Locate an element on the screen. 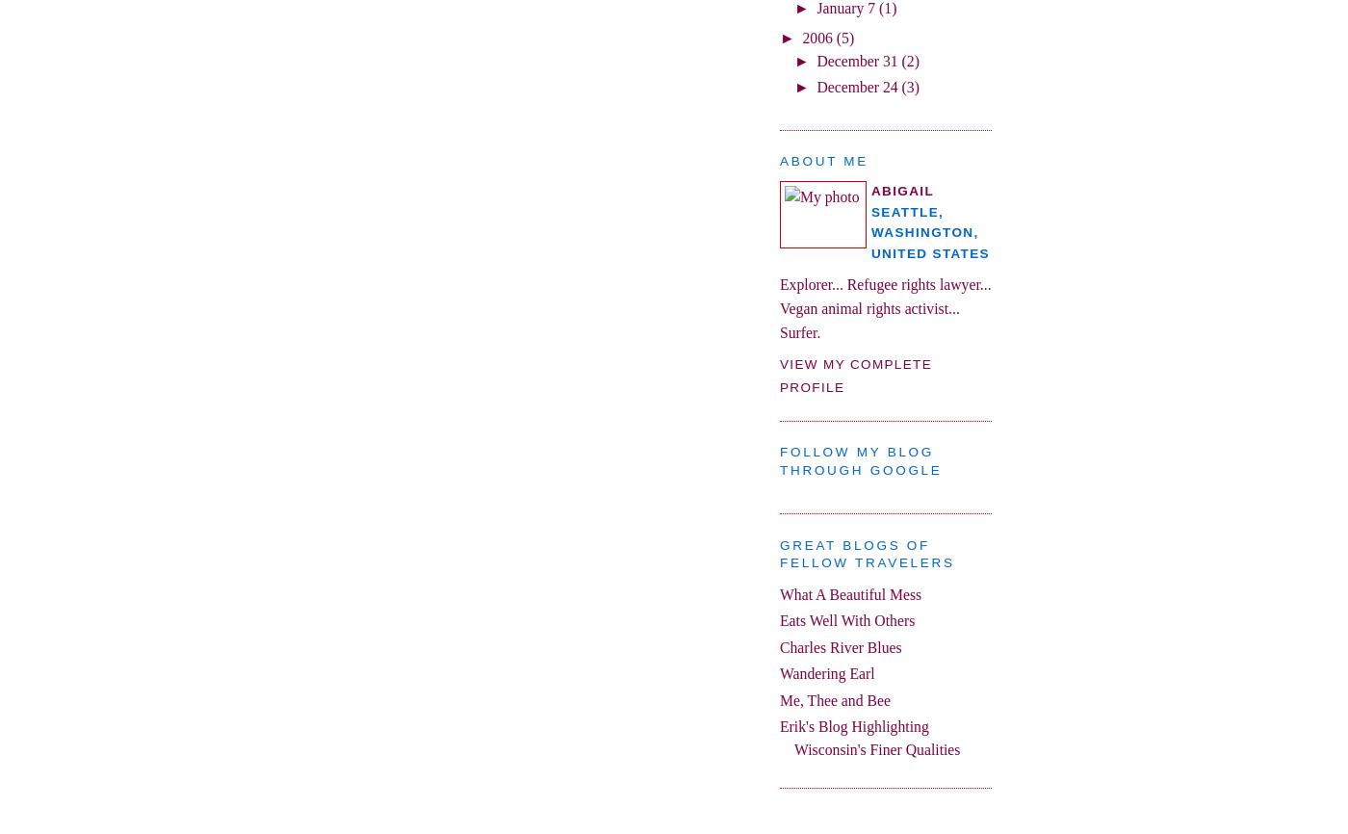  'Me, Thee and Bee' is located at coordinates (835, 698).